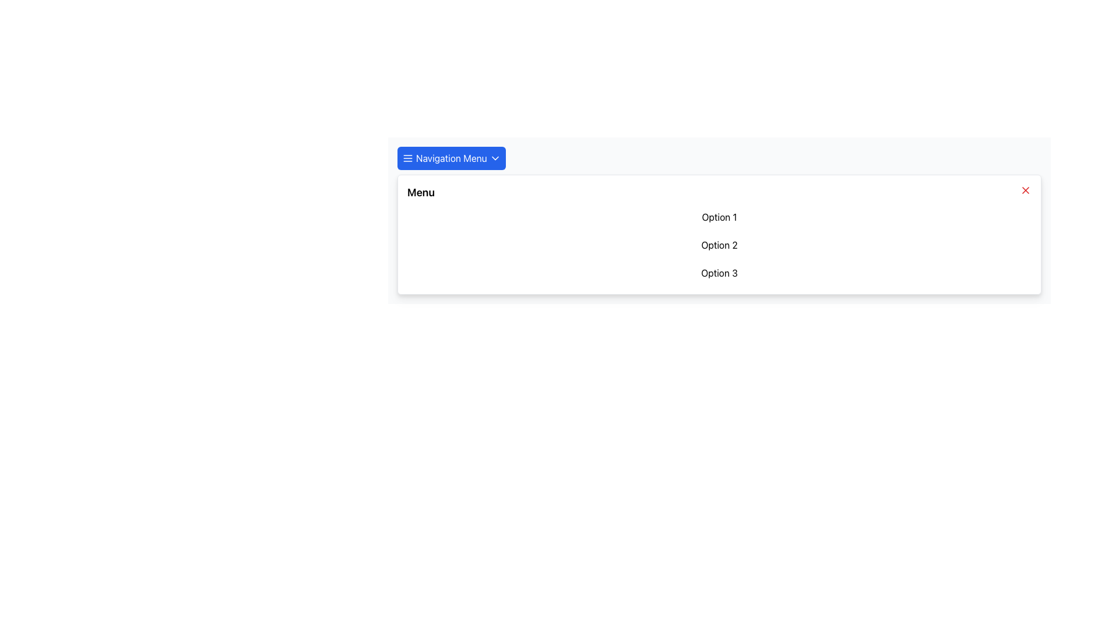 Image resolution: width=1119 pixels, height=629 pixels. I want to click on the 'X' button located at the far right of the 'Menu' header, so click(1026, 190).